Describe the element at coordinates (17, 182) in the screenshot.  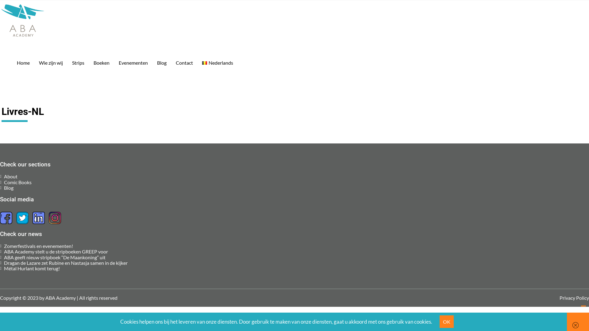
I see `'Comic Books'` at that location.